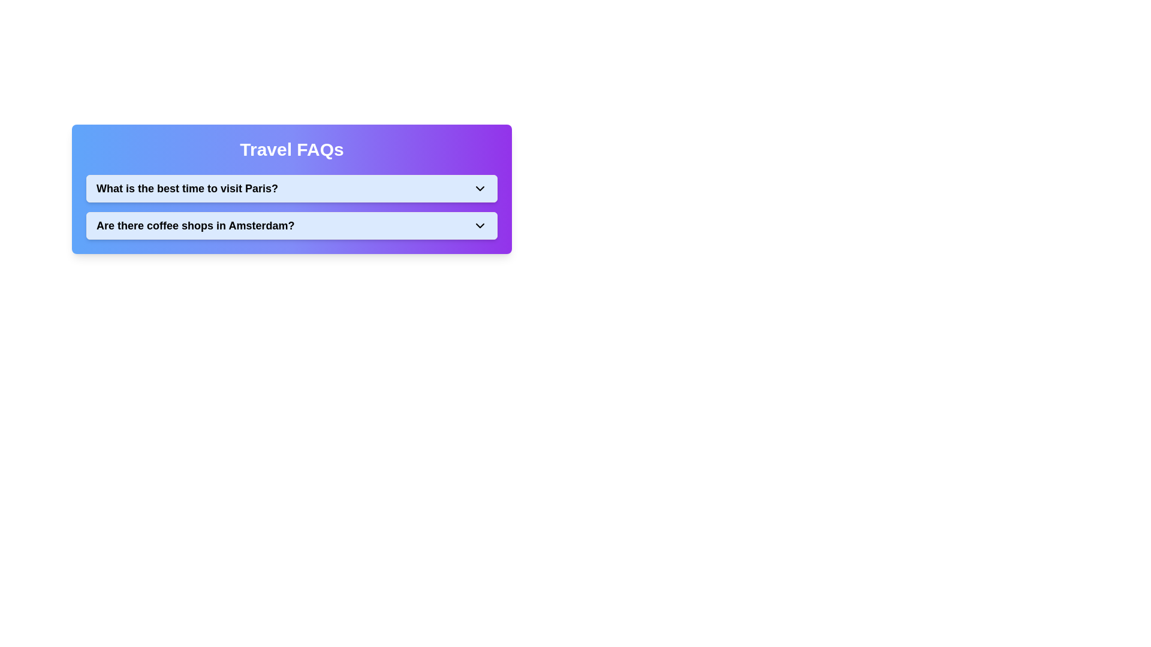 The width and height of the screenshot is (1151, 647). I want to click on the light blue rectangular dropdown menu button labeled 'What is the best time to visit Paris?', so click(291, 189).